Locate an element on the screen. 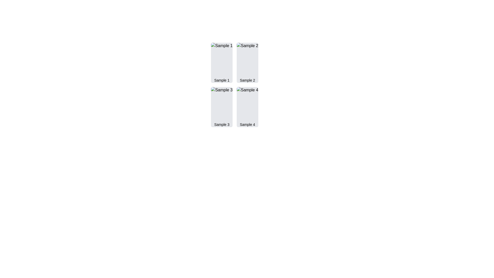  the image representing 'Sample 1', located in the top-left position of a grid layout is located at coordinates (222, 59).